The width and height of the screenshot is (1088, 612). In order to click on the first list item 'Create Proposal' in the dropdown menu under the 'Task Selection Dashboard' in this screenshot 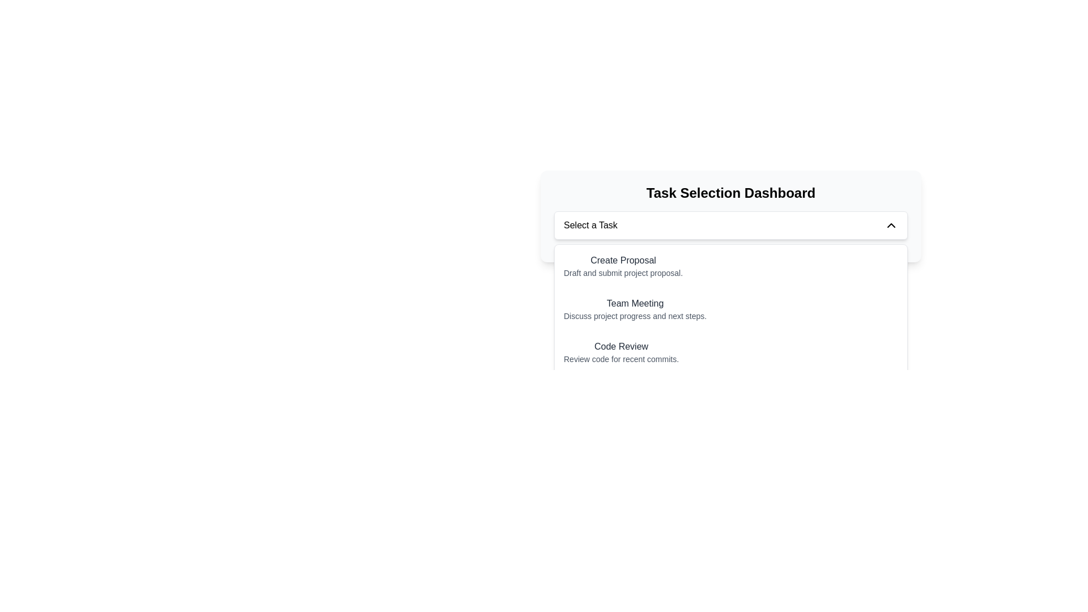, I will do `click(731, 263)`.